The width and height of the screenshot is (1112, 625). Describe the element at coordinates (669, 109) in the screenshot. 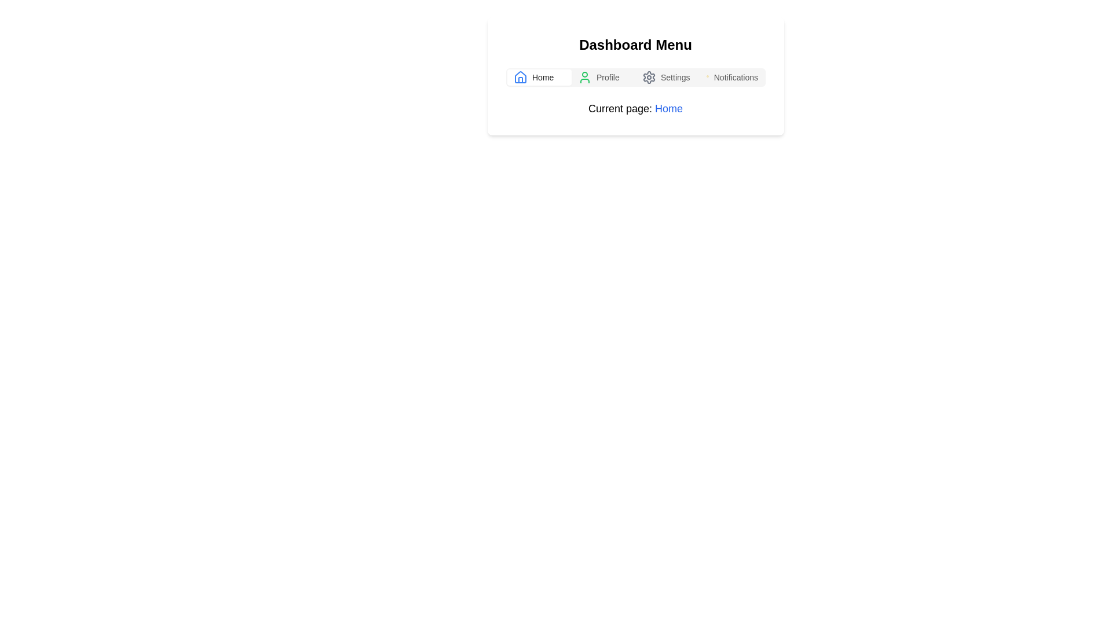

I see `the 'Home' text label, which is styled in blue and located within the 'Current page: Home.' text structure in the 'Dashboard Menu.'` at that location.